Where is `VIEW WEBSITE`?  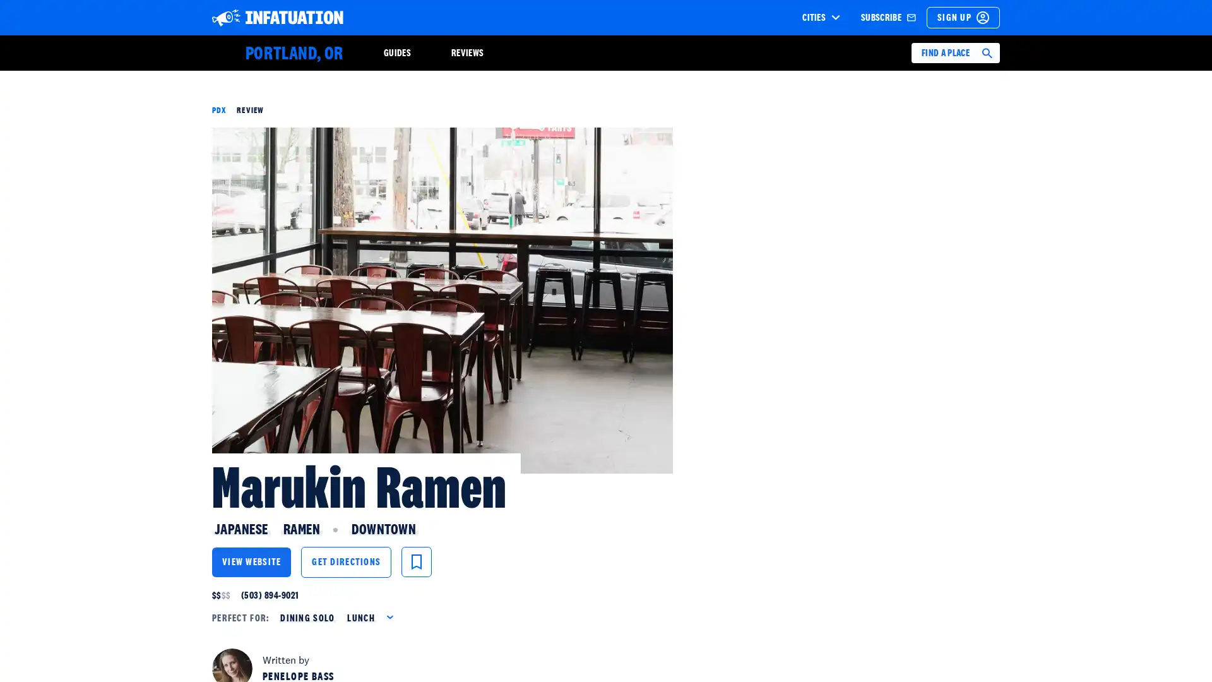 VIEW WEBSITE is located at coordinates (251, 561).